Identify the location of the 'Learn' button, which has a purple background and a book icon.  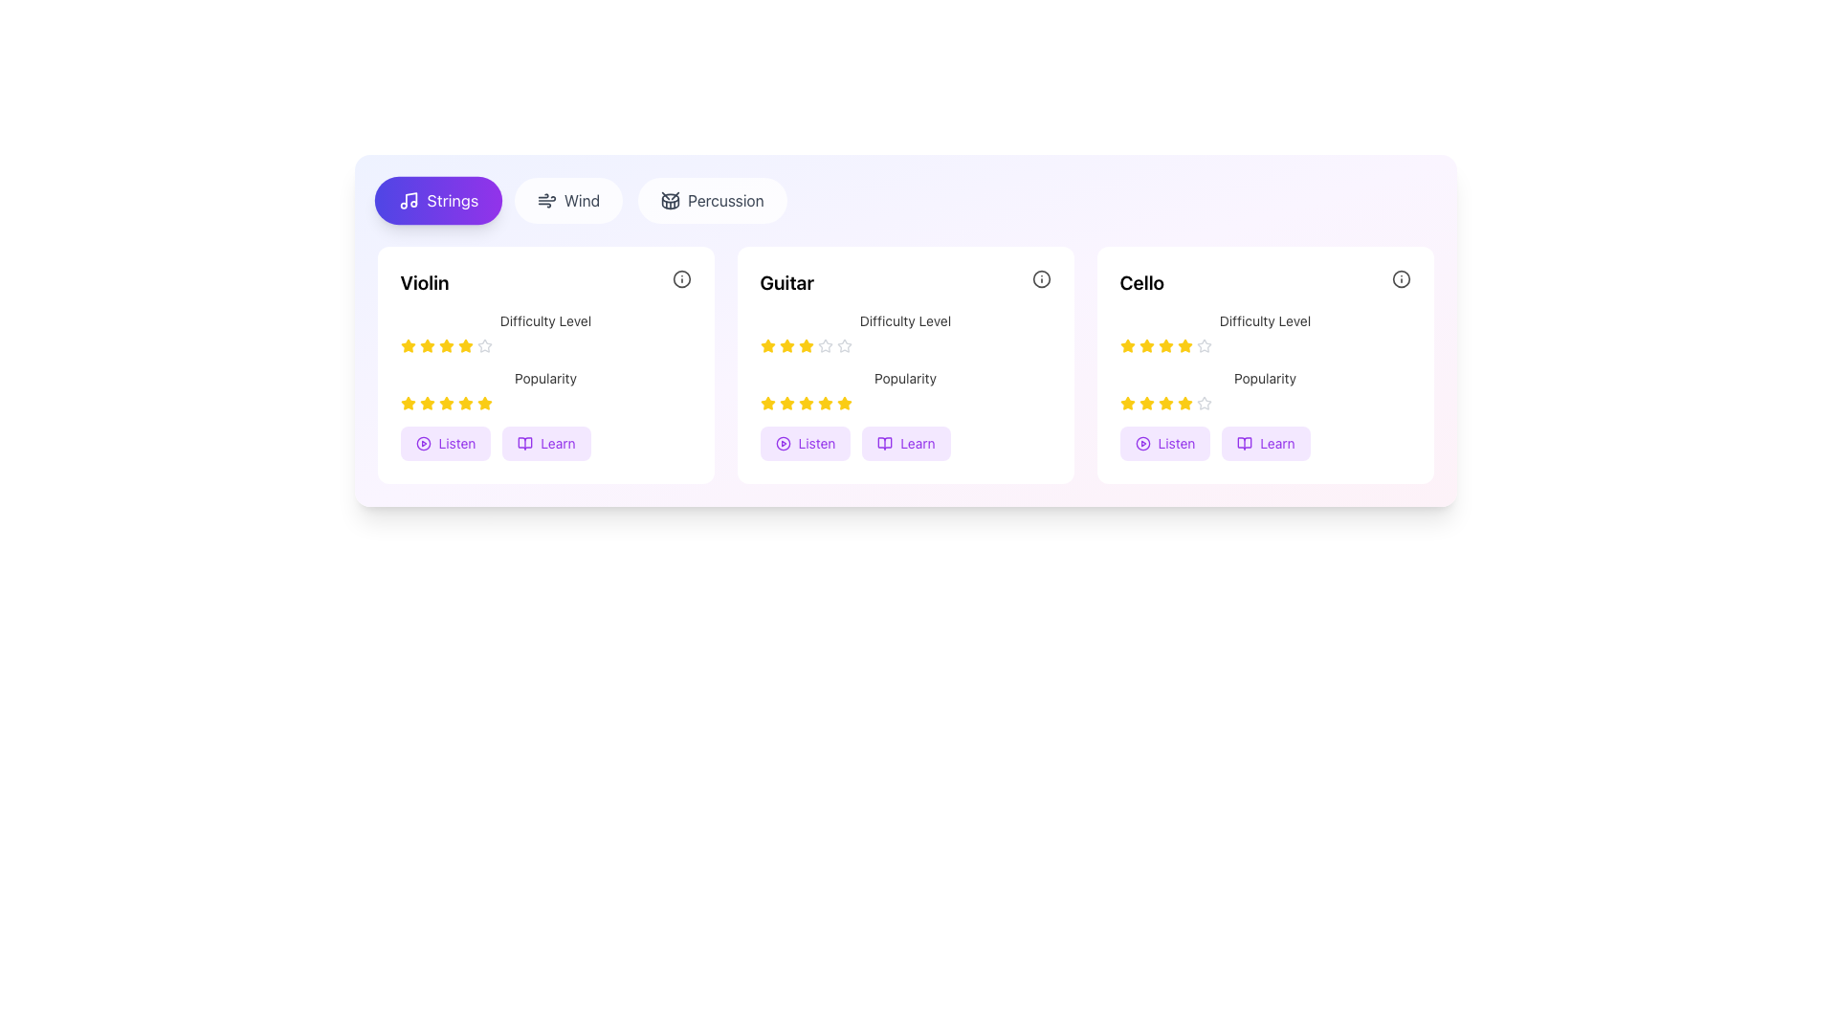
(1266, 443).